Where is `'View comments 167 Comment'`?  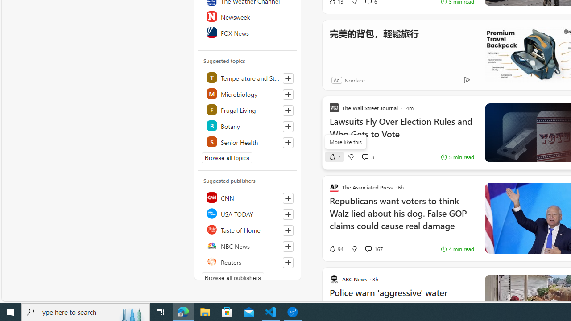 'View comments 167 Comment' is located at coordinates (373, 249).